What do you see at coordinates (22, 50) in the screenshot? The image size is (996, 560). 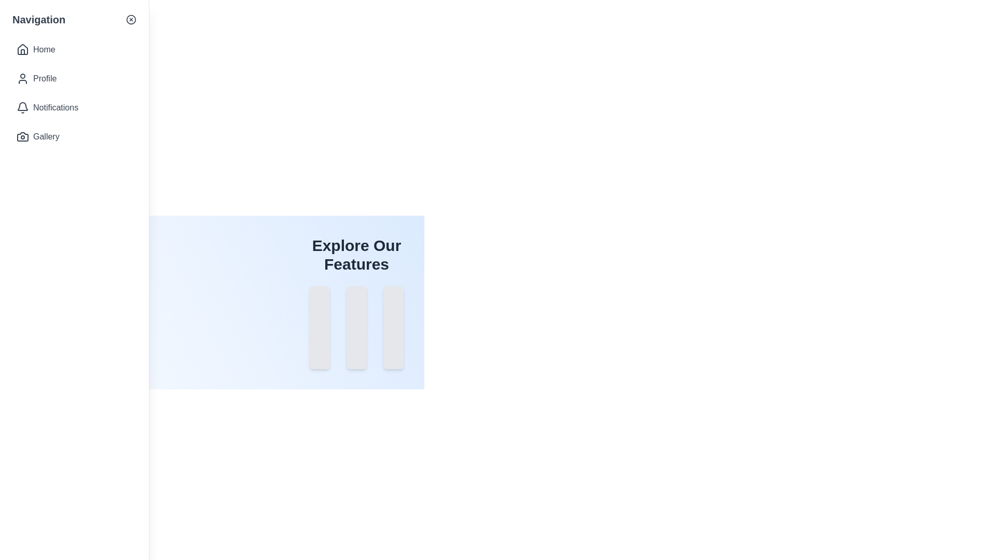 I see `the 'Home' icon located at the top of the vertical navigation menu, which visually represents the 'Home' navigation option` at bounding box center [22, 50].